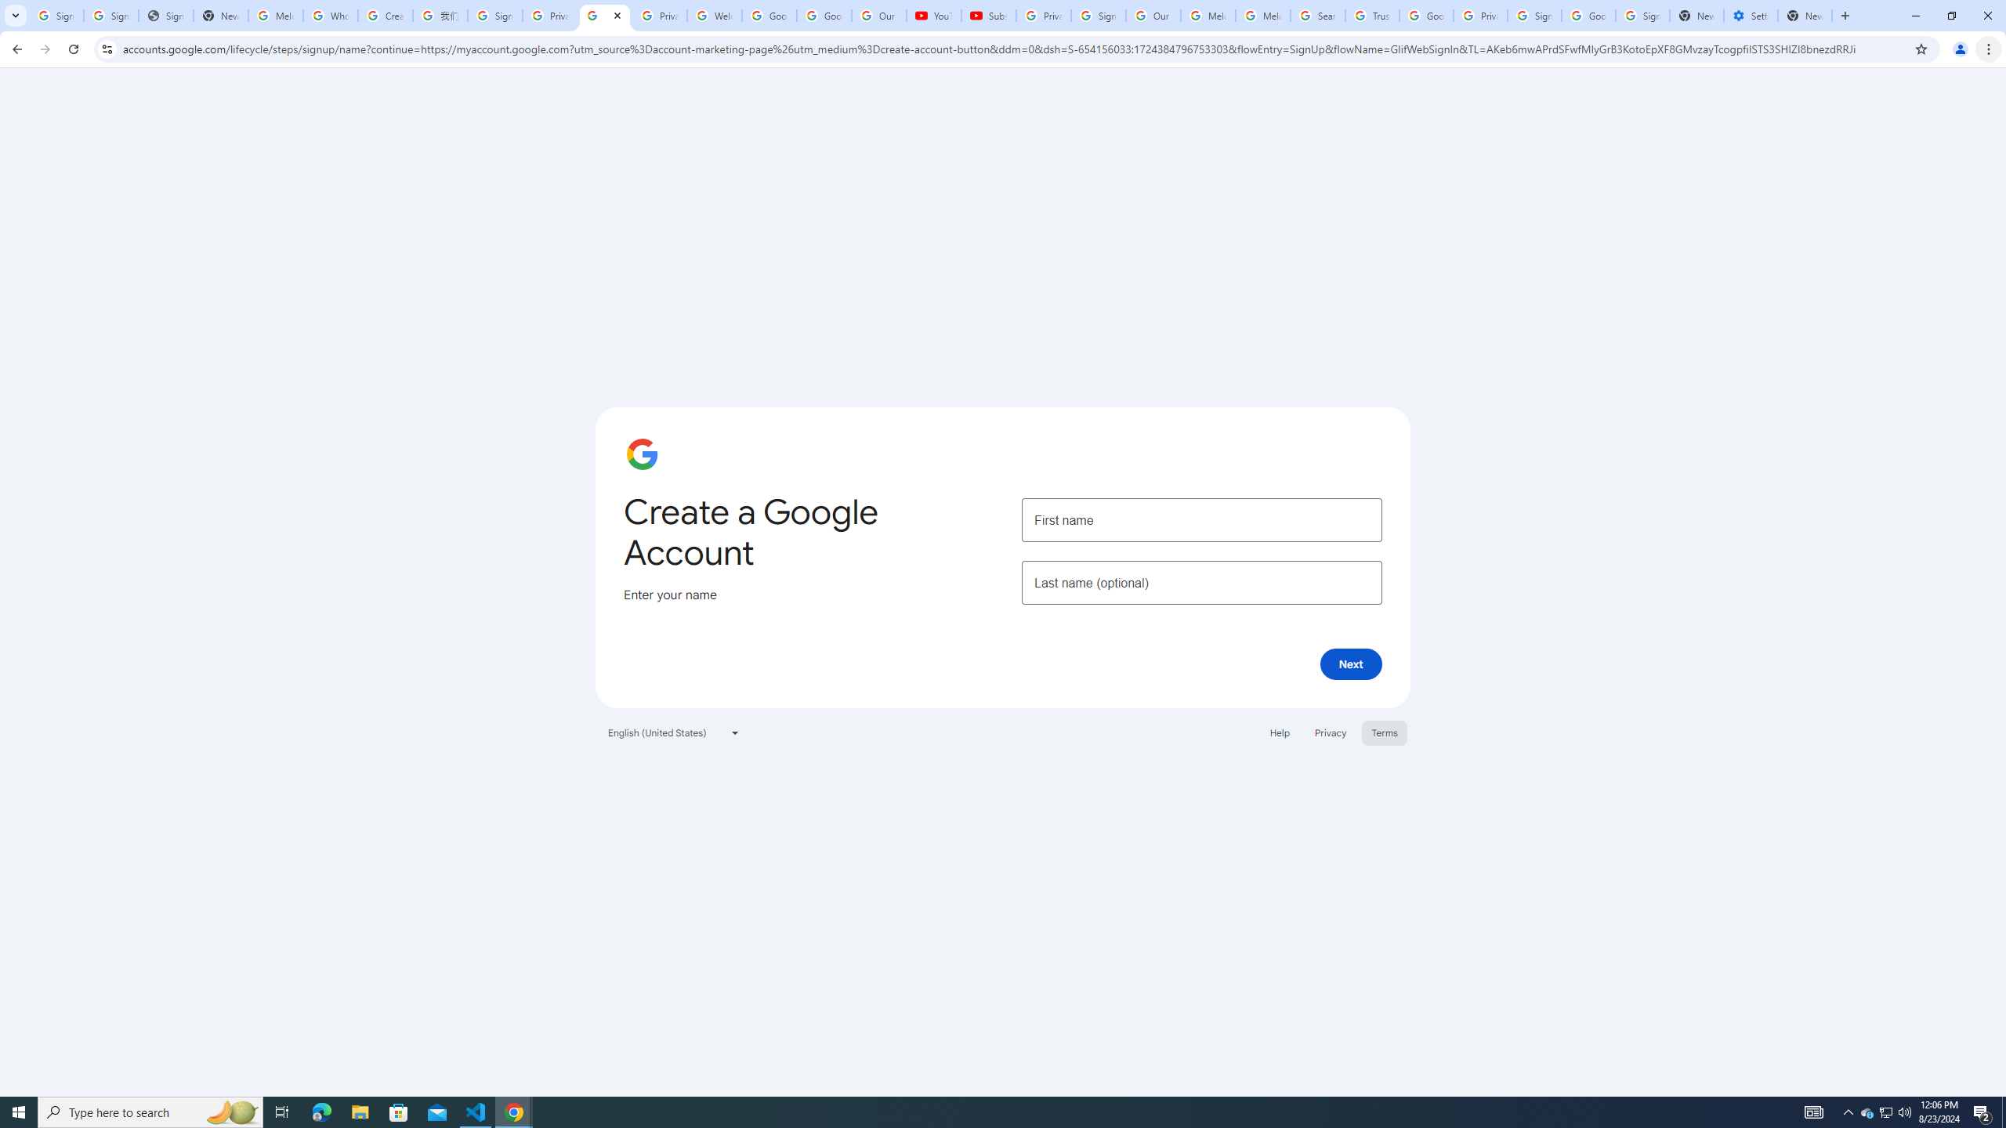 The width and height of the screenshot is (2006, 1128). What do you see at coordinates (1316, 15) in the screenshot?
I see `'Search our Doodle Library Collection - Google Doodles'` at bounding box center [1316, 15].